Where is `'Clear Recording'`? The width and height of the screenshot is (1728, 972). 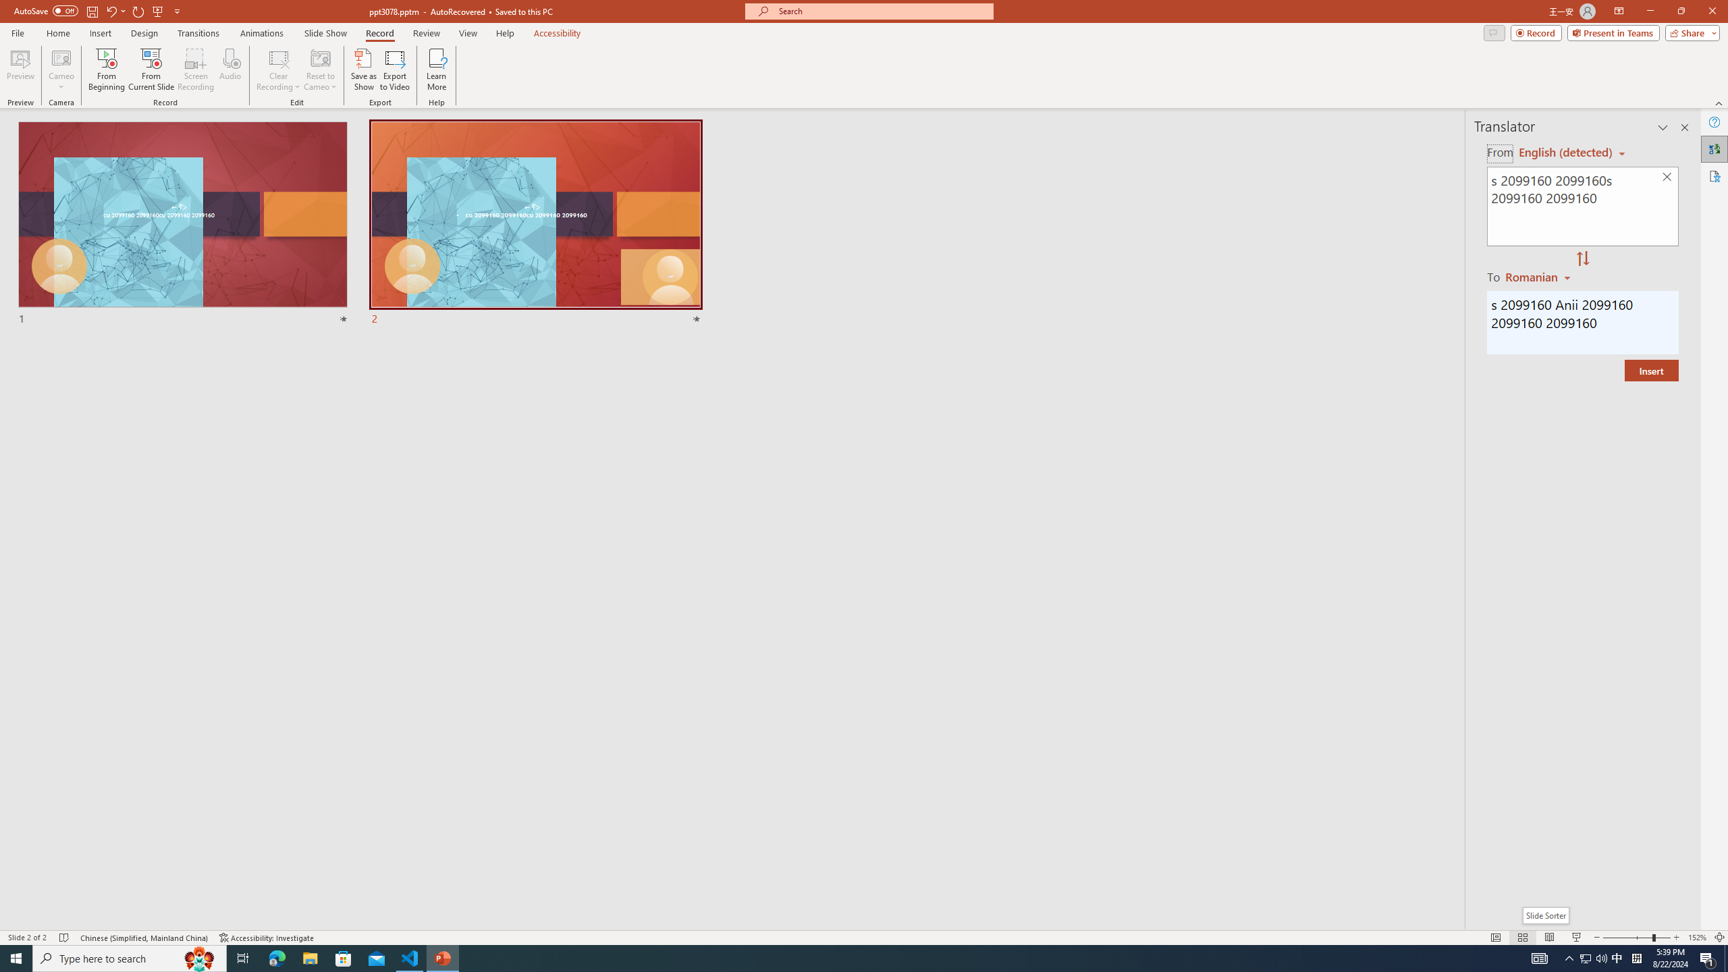
'Clear Recording' is located at coordinates (278, 70).